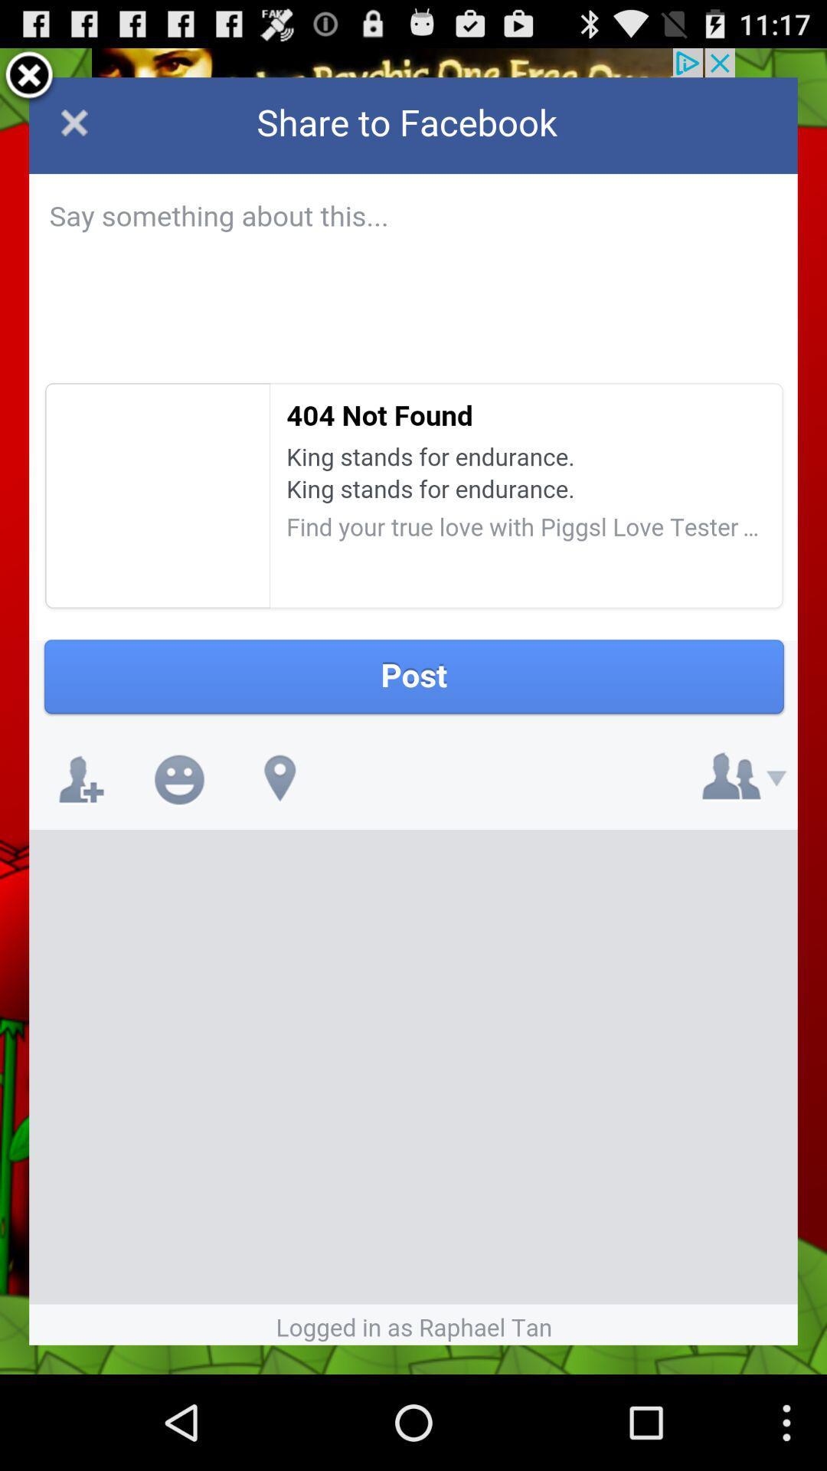  What do you see at coordinates (413, 710) in the screenshot?
I see `share article` at bounding box center [413, 710].